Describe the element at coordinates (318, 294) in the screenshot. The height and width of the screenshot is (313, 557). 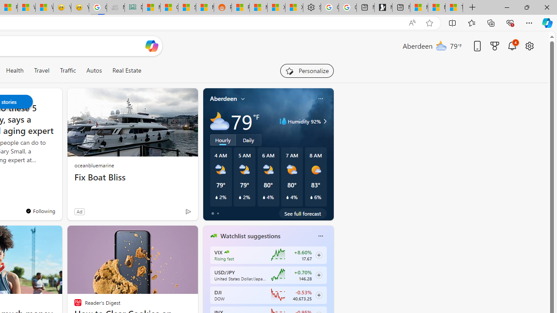
I see `'Class: follow-button  m'` at that location.